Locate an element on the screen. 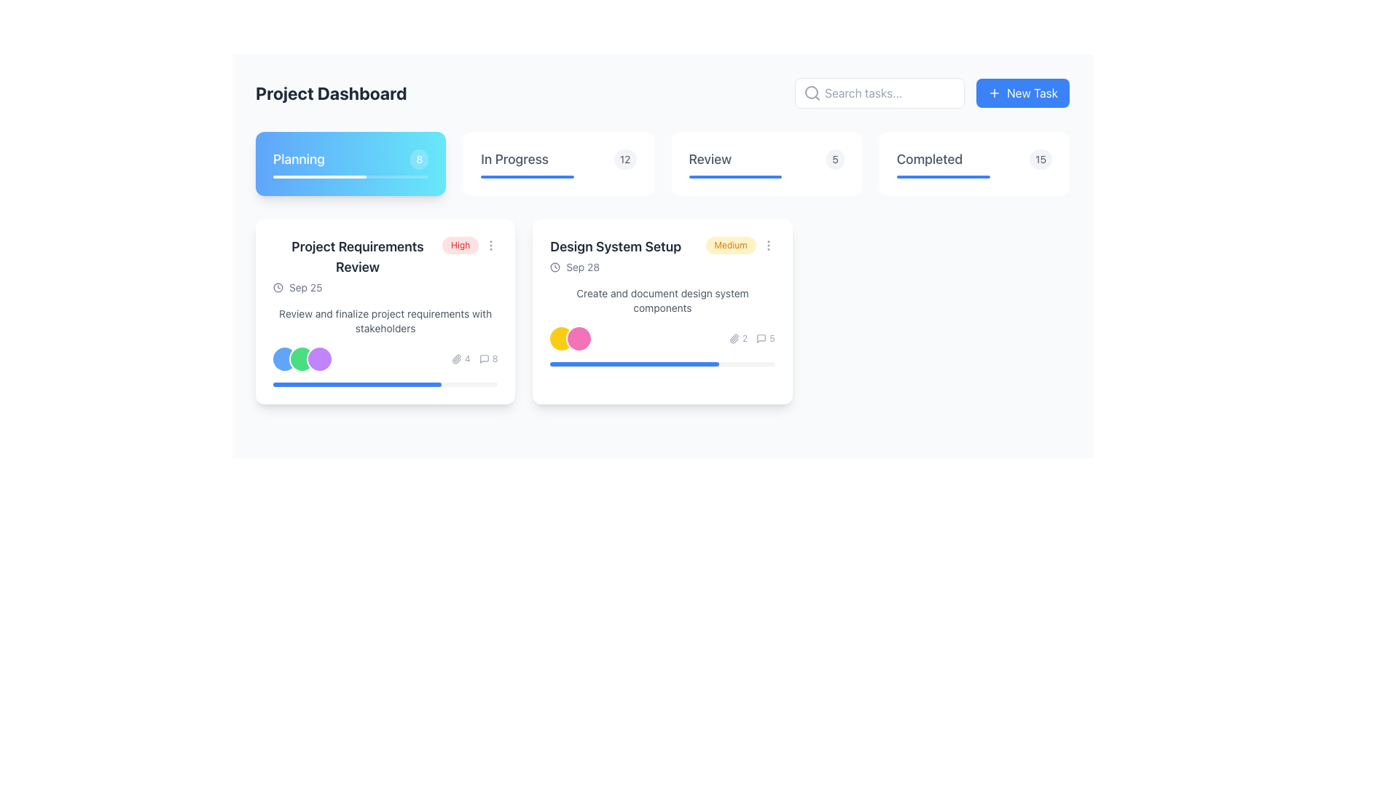 This screenshot has height=787, width=1399. the priority/status label located in the top-right corner of the 'Project Requirements Review' card in the dashboard interface, next to the vertical ellipsis button is located at coordinates (460, 244).